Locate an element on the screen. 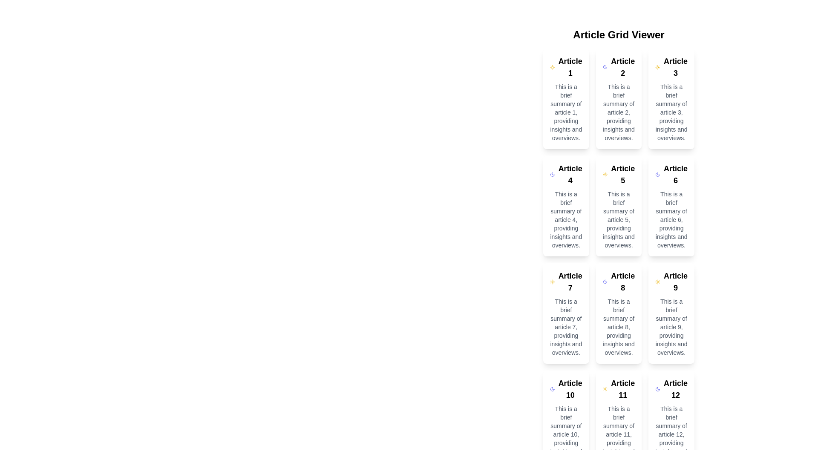 The width and height of the screenshot is (818, 460). title of the article identified as 'Article 11', located in the central column of the bottom row in a grid layout, positioned between 'Article 10' and 'Article 12' is located at coordinates (623, 389).